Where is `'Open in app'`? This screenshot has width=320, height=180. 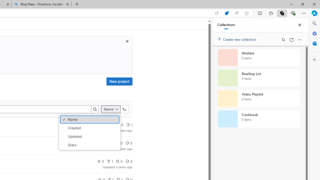 'Open in app' is located at coordinates (217, 13).